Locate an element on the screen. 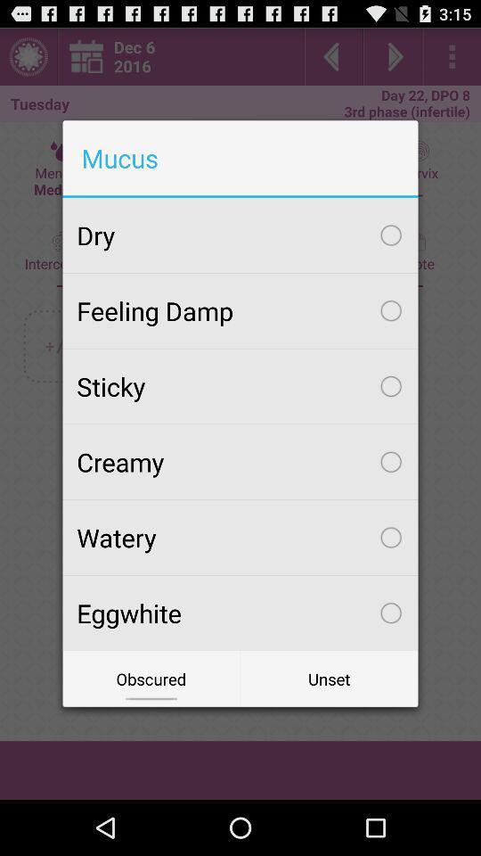 Image resolution: width=481 pixels, height=856 pixels. sticky is located at coordinates (240, 386).